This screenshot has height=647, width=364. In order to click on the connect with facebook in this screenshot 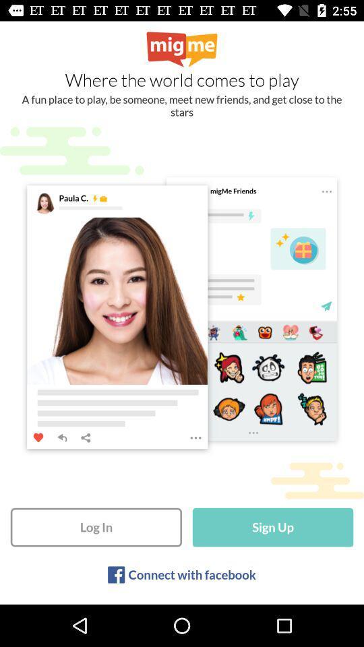, I will do `click(191, 574)`.